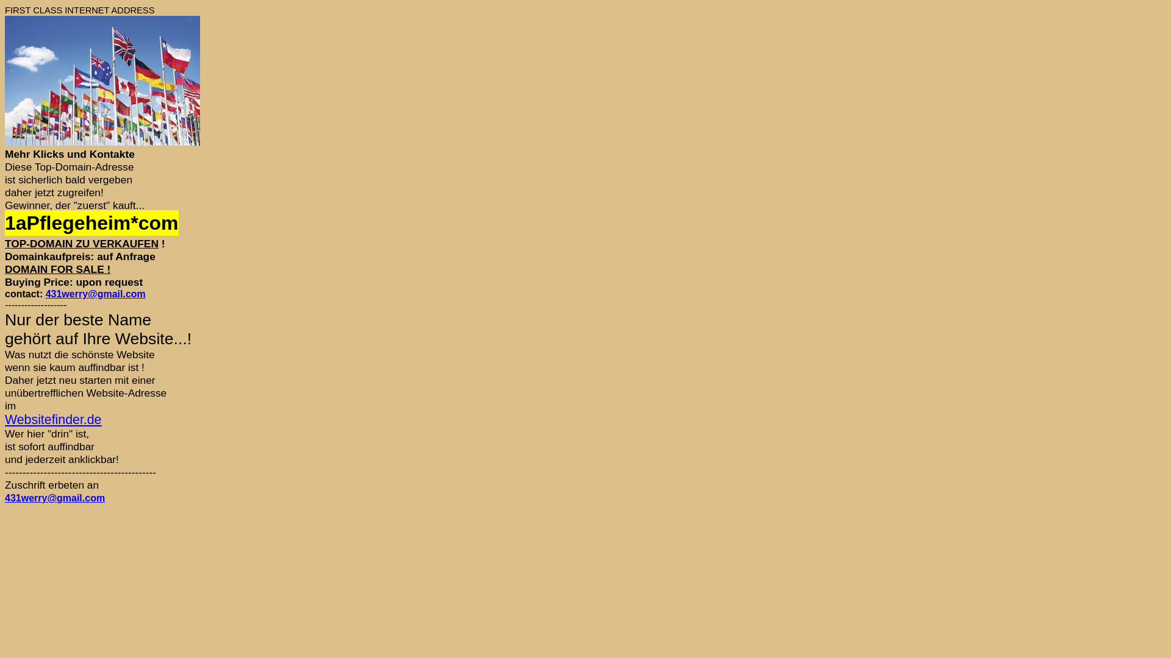 This screenshot has height=658, width=1171. Describe the element at coordinates (52, 419) in the screenshot. I see `'Websitefinder.de'` at that location.